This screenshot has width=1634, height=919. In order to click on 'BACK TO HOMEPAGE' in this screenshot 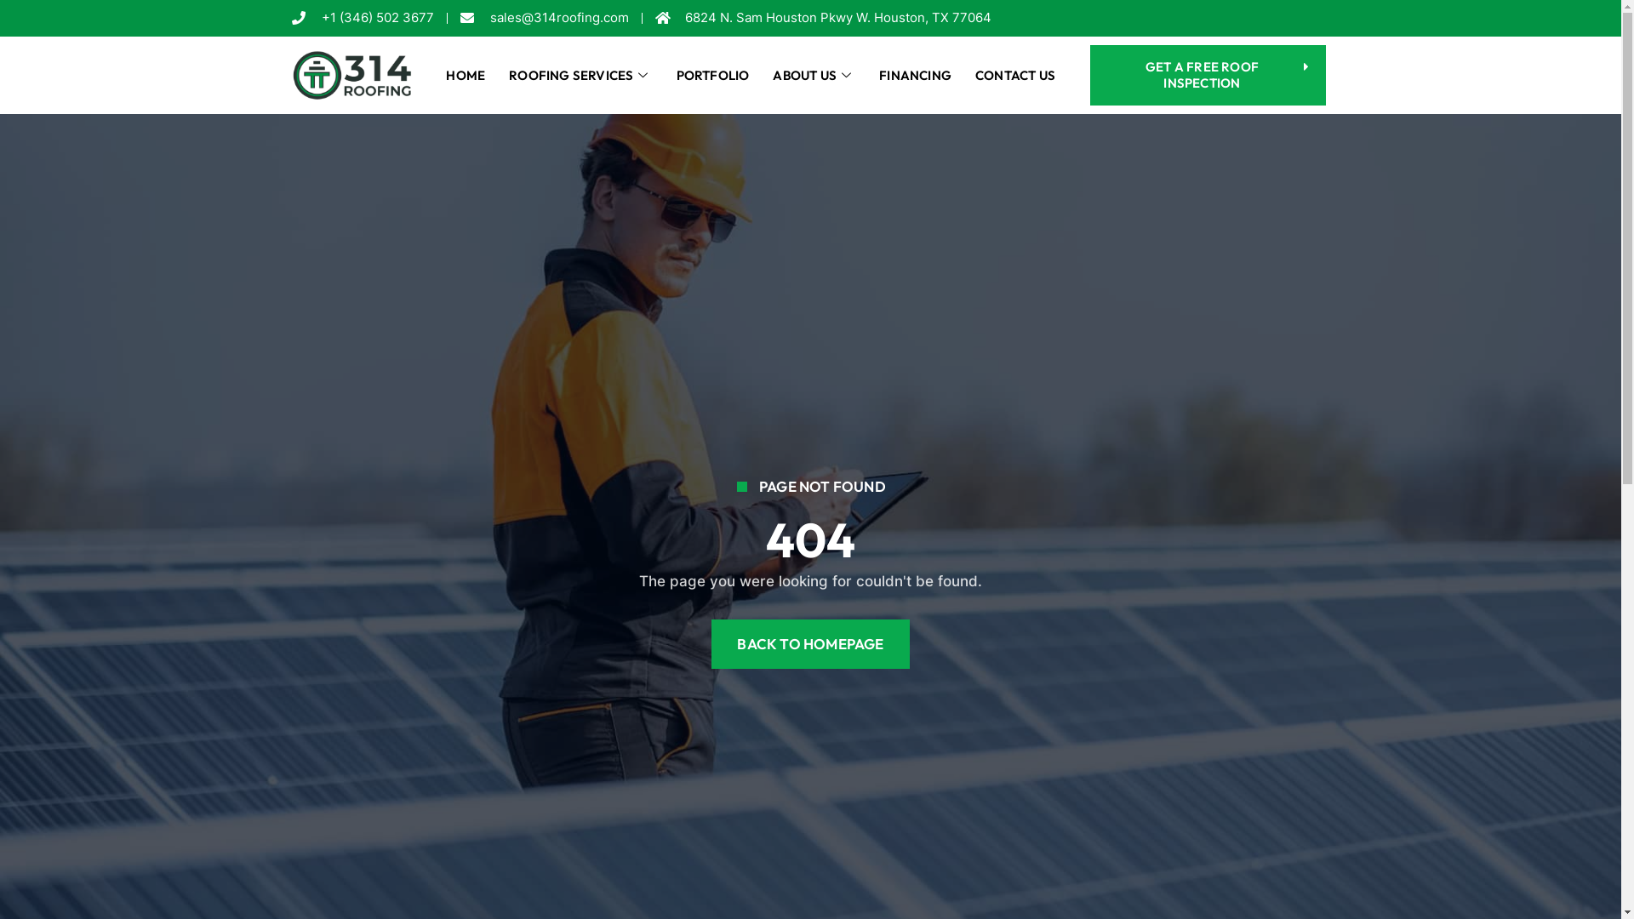, I will do `click(808, 643)`.